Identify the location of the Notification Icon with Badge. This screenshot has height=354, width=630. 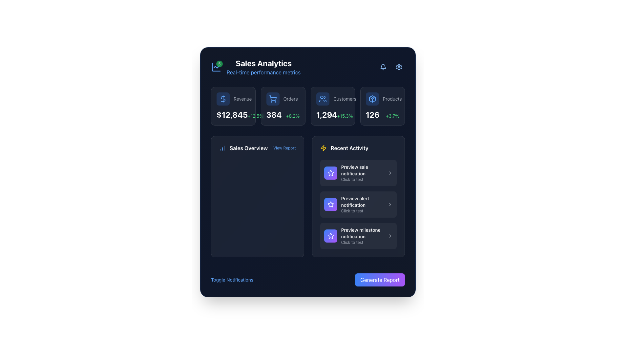
(383, 66).